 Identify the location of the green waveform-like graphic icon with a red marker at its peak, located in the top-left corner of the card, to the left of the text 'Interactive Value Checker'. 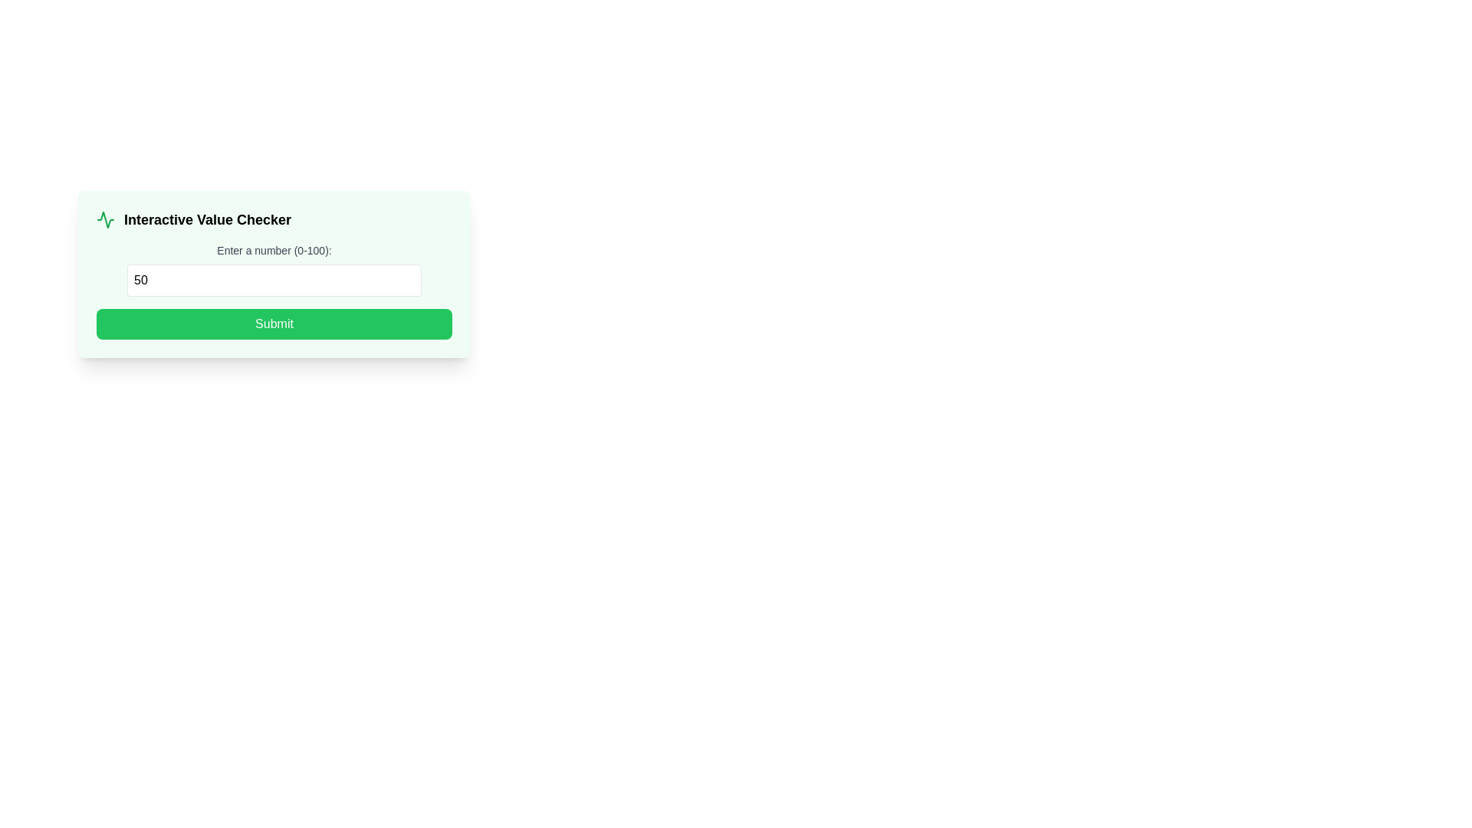
(105, 219).